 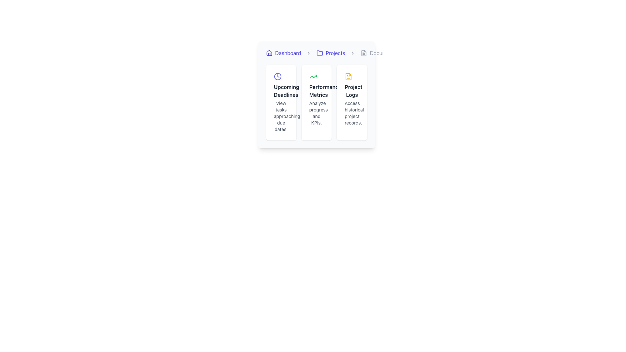 I want to click on headline text located centrally in the leftmost panel of the three-panel layout, which summarizes the panel's purpose regarding upcoming deadlines, so click(x=281, y=91).